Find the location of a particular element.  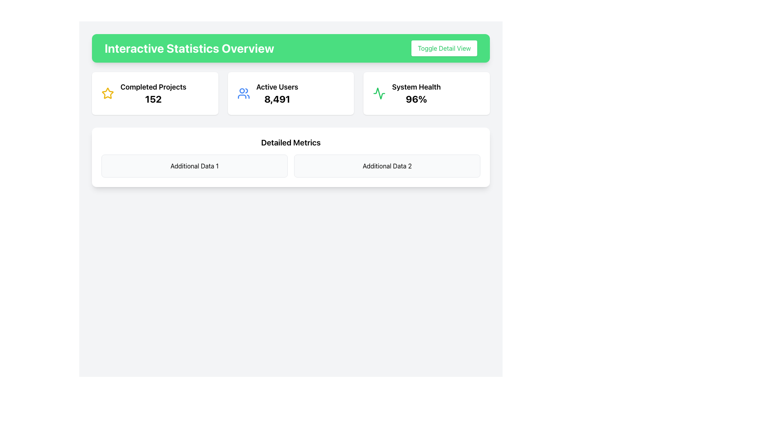

attributes of the text display element that indicates system health, located in the top-right section and adjacent to a heartbeat icon is located at coordinates (416, 93).